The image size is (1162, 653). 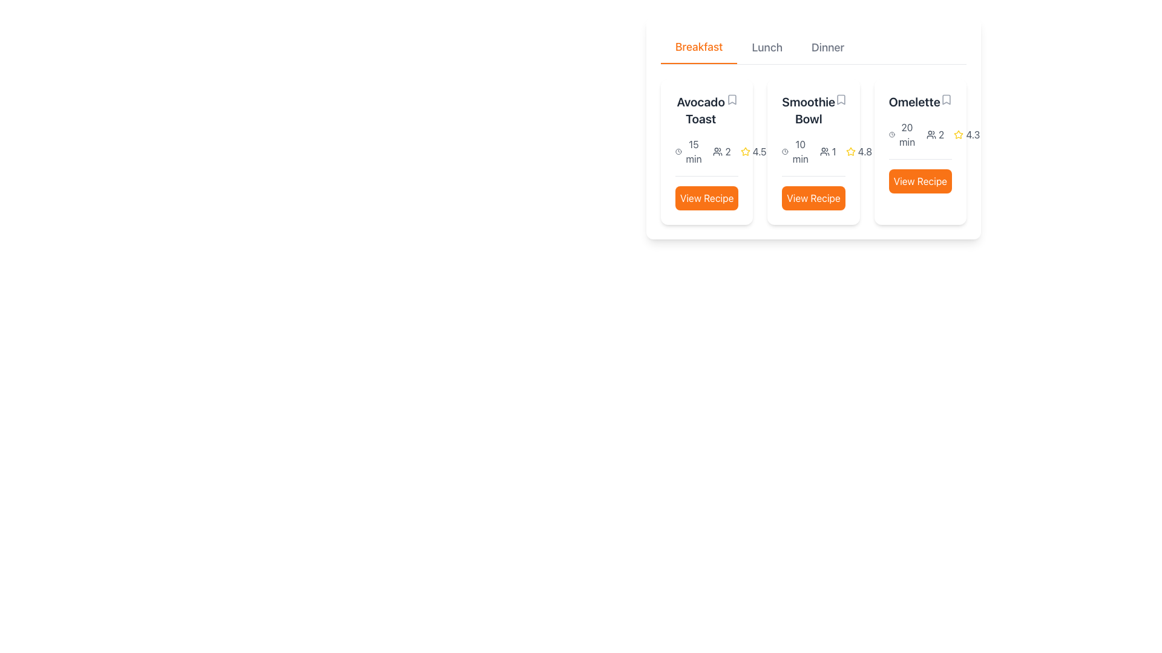 I want to click on the 'Dinner' menu item, so click(x=827, y=47).